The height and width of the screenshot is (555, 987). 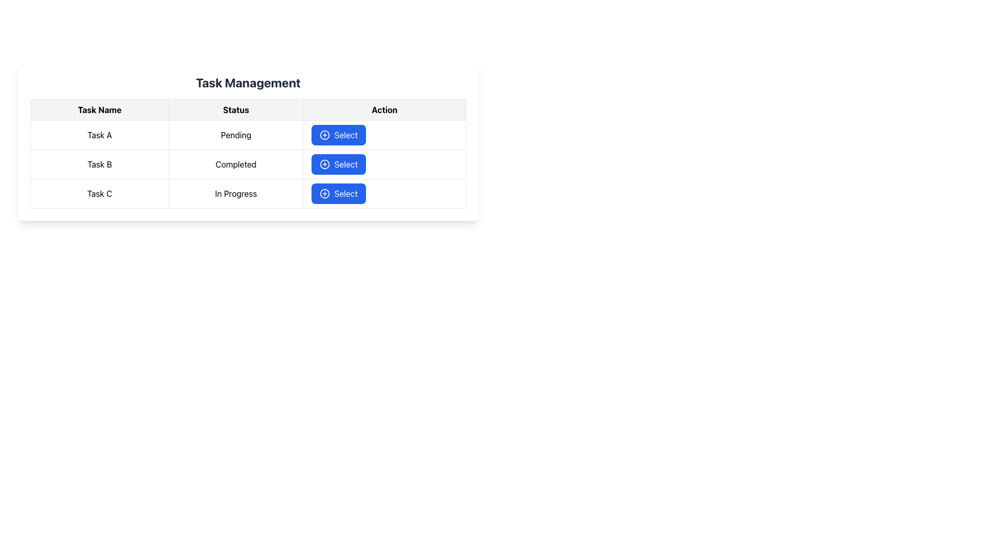 What do you see at coordinates (384, 109) in the screenshot?
I see `text 'Action' from the Table Header Cell located on the far right of the header row in a table with three columns: 'Task Name', 'Status', and 'Action'` at bounding box center [384, 109].